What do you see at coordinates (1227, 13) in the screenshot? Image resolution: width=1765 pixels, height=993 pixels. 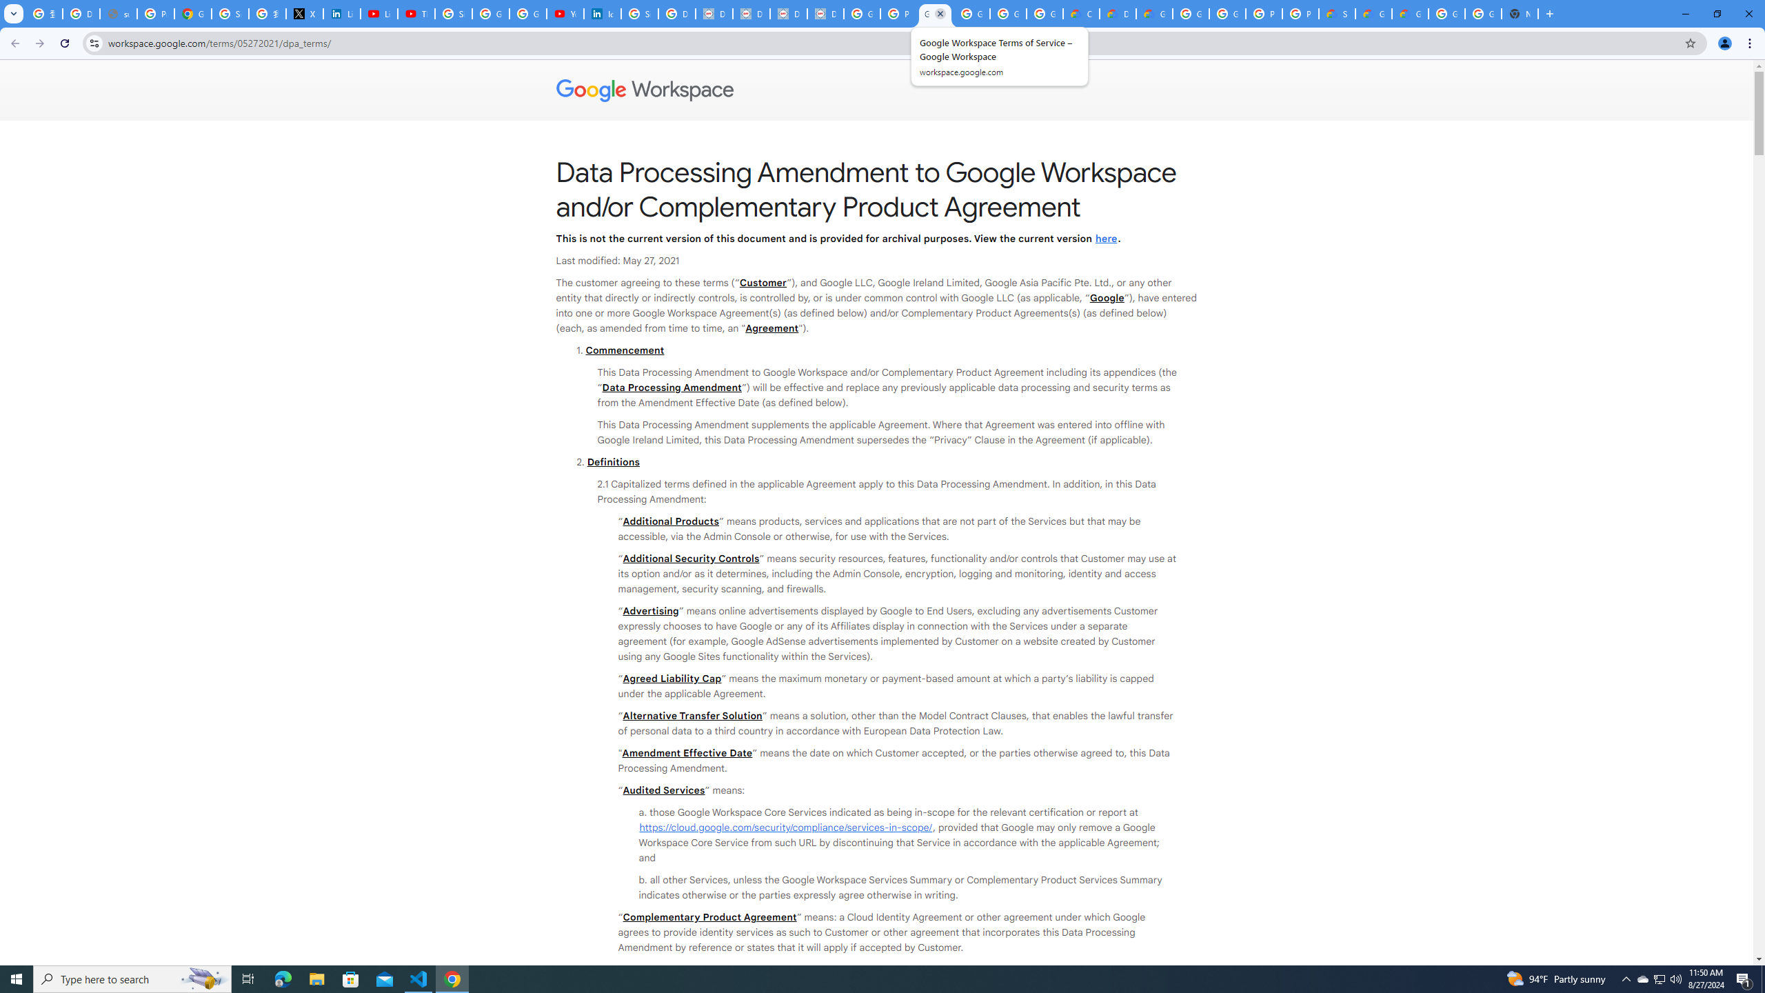 I see `'Google Cloud Platform'` at bounding box center [1227, 13].